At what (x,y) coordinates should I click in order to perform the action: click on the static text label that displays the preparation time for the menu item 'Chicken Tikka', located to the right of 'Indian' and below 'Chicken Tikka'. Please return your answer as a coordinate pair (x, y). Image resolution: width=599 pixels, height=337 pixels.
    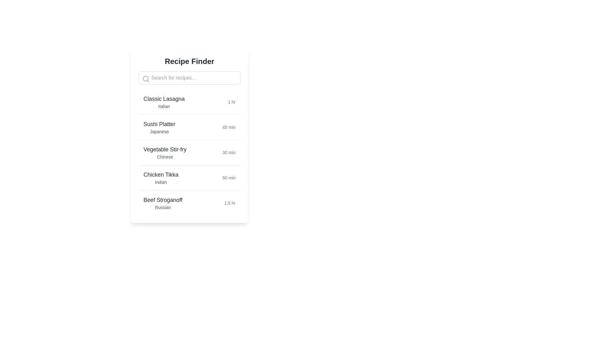
    Looking at the image, I should click on (229, 178).